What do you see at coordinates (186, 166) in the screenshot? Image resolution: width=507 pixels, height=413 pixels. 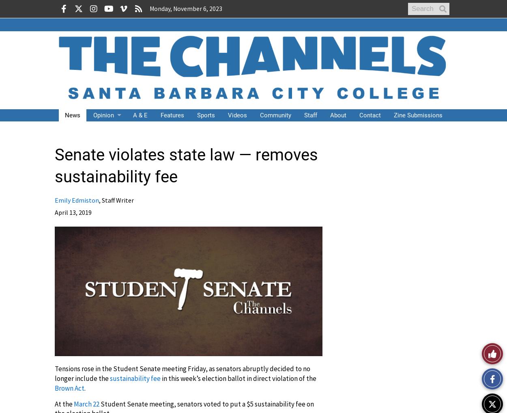 I see `'Senate violates state law — removes sustainability fee'` at bounding box center [186, 166].